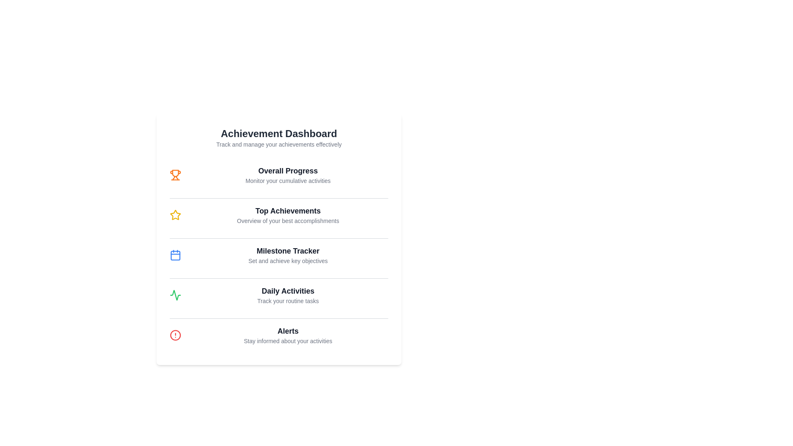 The width and height of the screenshot is (793, 446). I want to click on the 'Milestone Tracker' title text label, which is the third item in the vertical list of sections, positioned between 'Top Achievements' and 'Daily Activities', so click(288, 251).